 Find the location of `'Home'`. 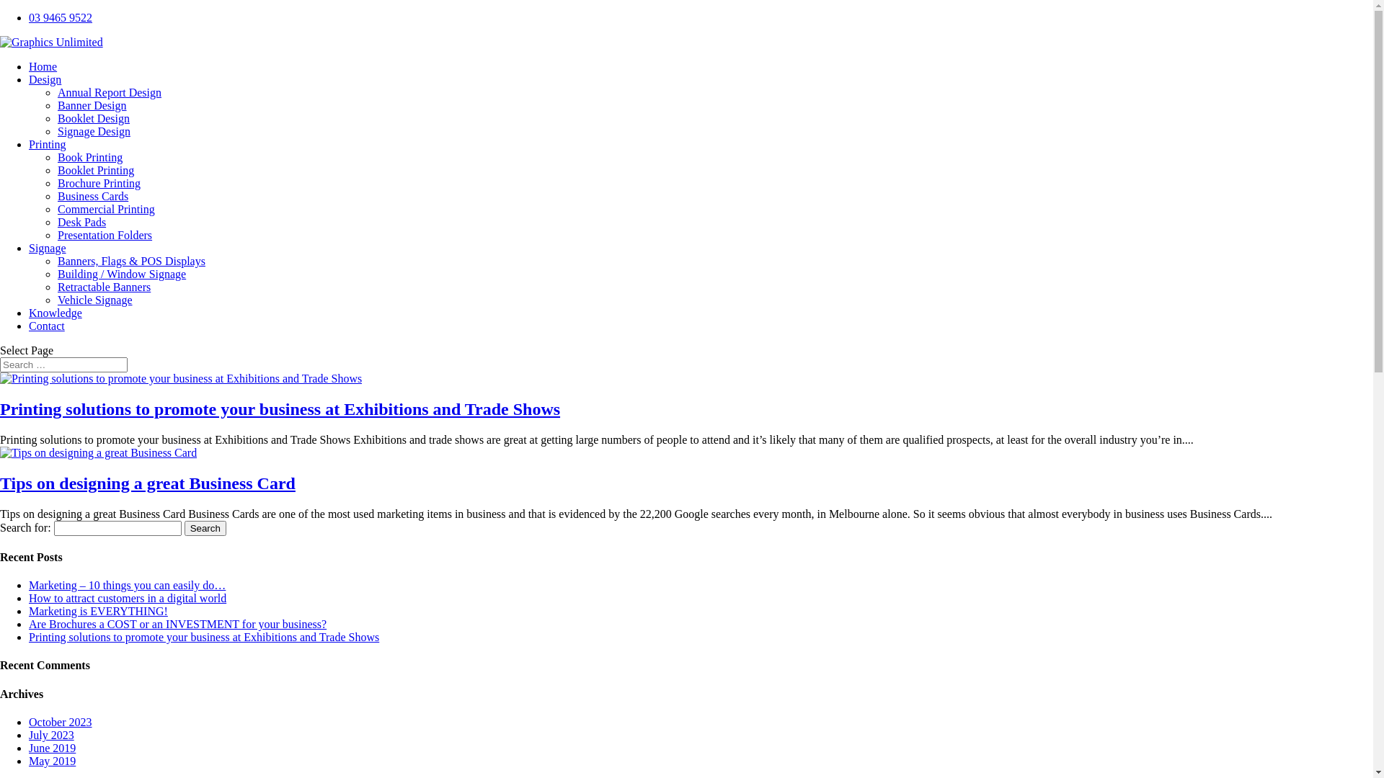

'Home' is located at coordinates (43, 66).